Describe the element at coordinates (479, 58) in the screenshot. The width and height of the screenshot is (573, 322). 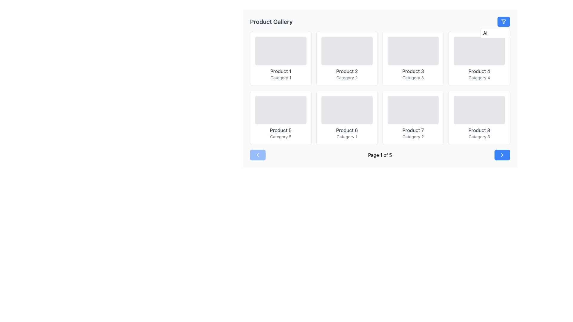
I see `the fourth product display card located in the top-right segment of the grid` at that location.